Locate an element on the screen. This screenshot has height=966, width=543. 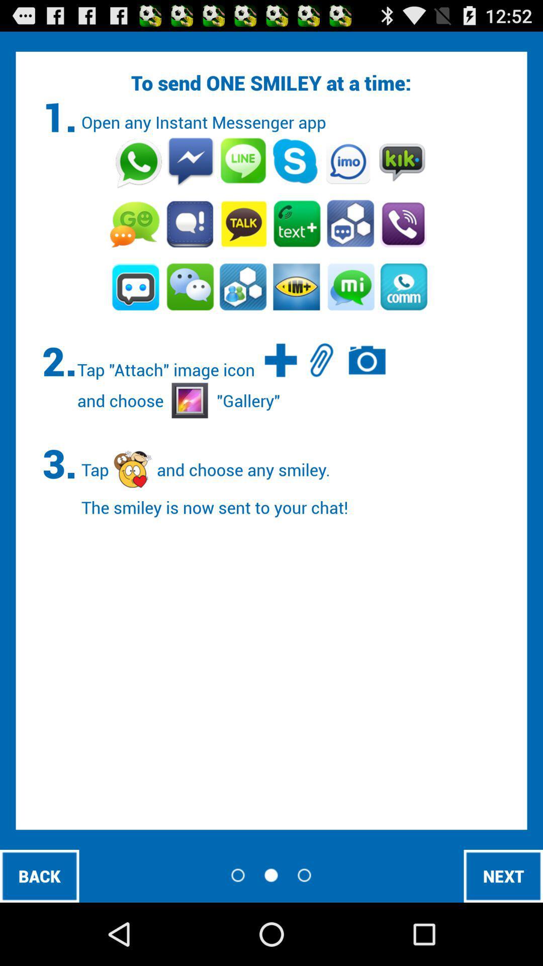
back at the bottom left corner is located at coordinates (39, 875).